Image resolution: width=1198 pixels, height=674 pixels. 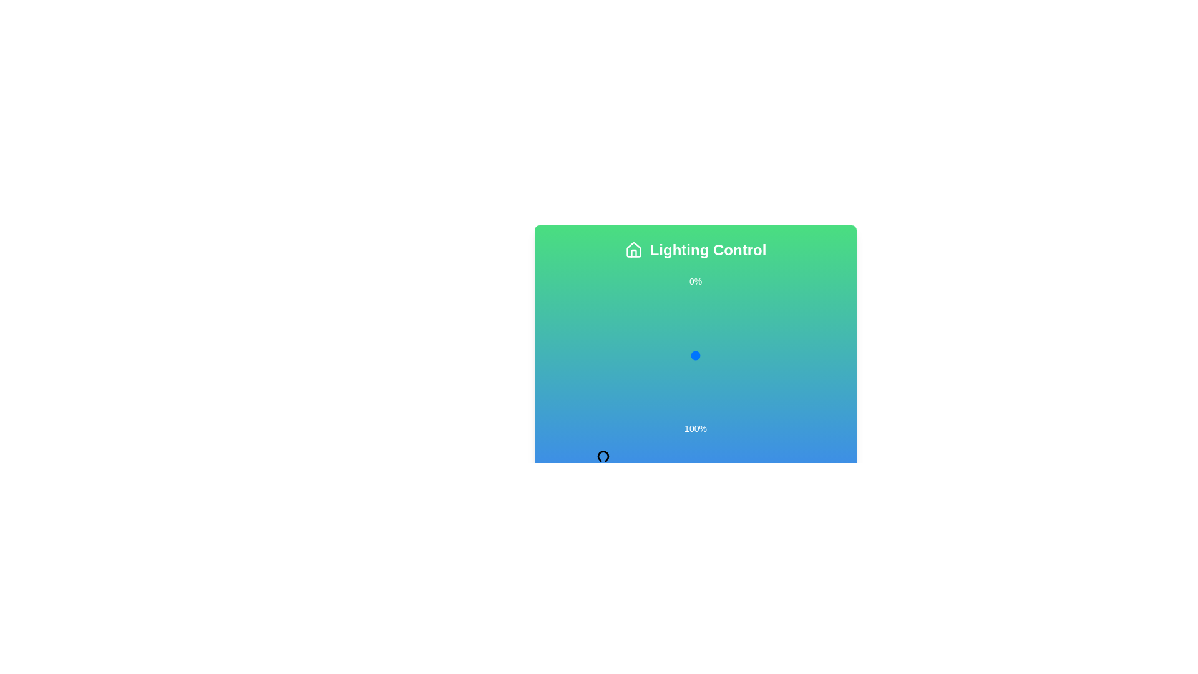 What do you see at coordinates (694, 355) in the screenshot?
I see `the slider` at bounding box center [694, 355].